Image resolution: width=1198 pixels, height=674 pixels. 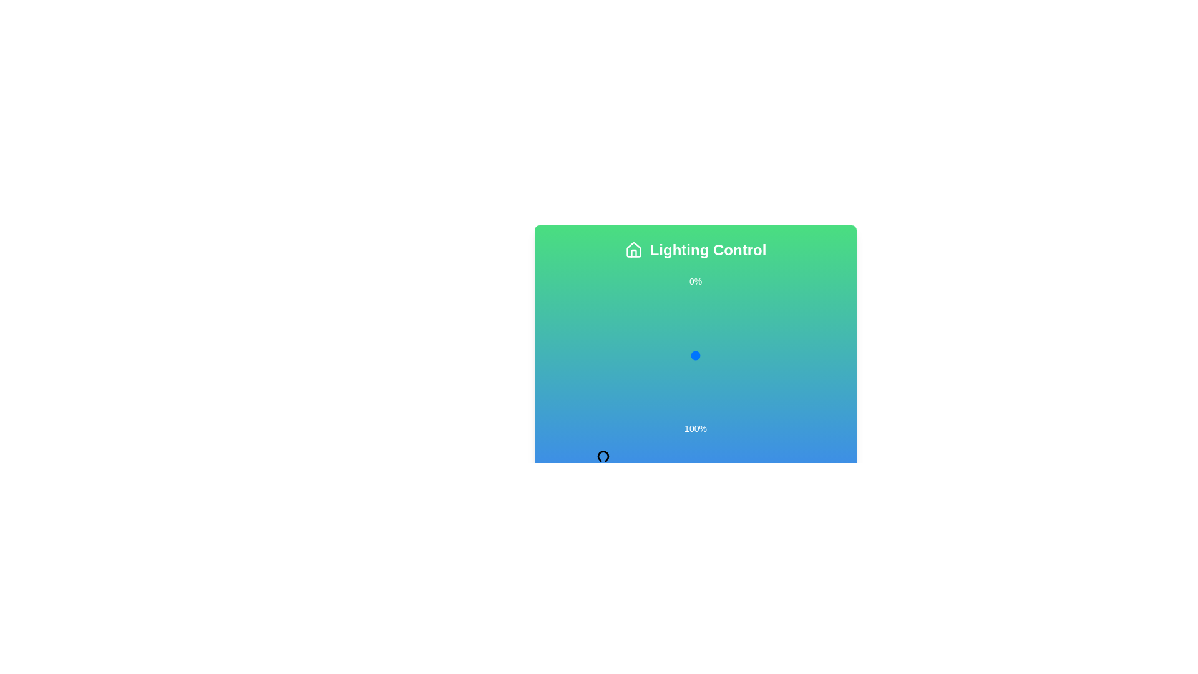 What do you see at coordinates (694, 355) in the screenshot?
I see `the slider` at bounding box center [694, 355].